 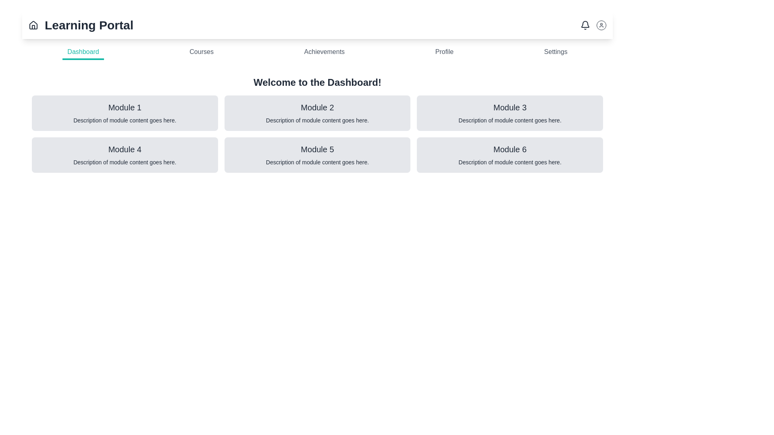 What do you see at coordinates (510, 120) in the screenshot?
I see `text content "Description of module content goes here." from the text element located under the header "Module 3" in the top-right card of the grid layout` at bounding box center [510, 120].